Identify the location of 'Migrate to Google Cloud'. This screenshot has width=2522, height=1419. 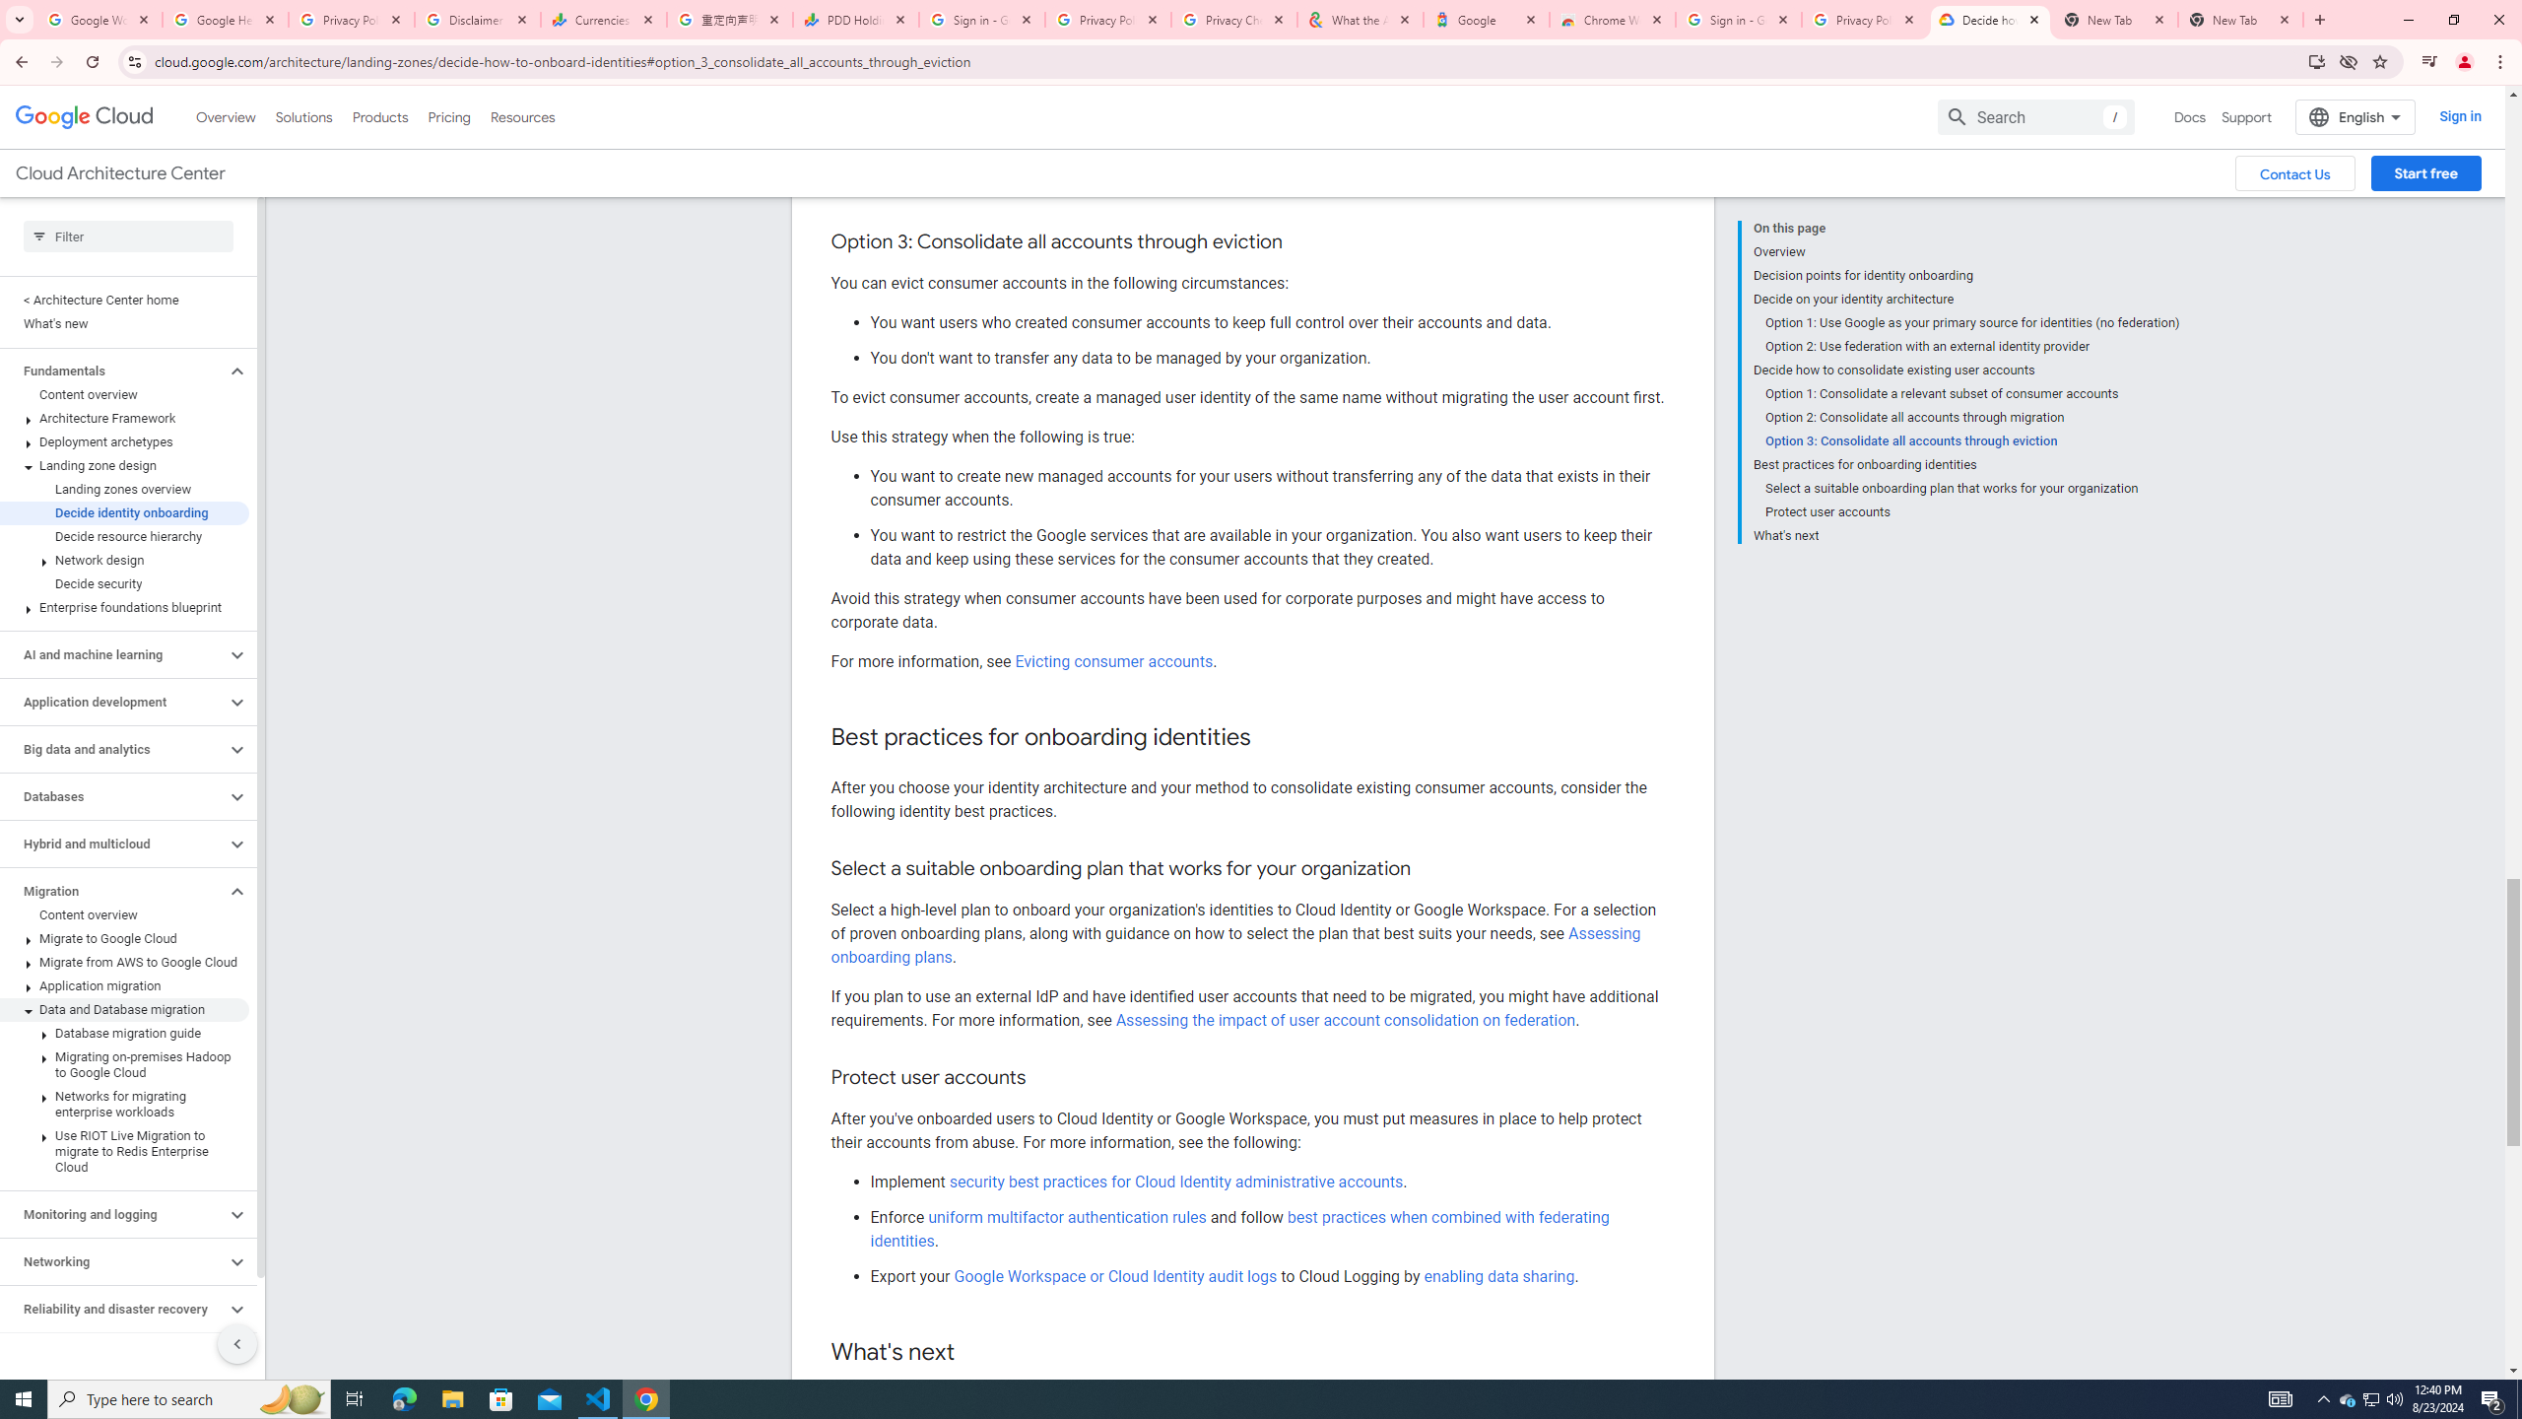
(124, 937).